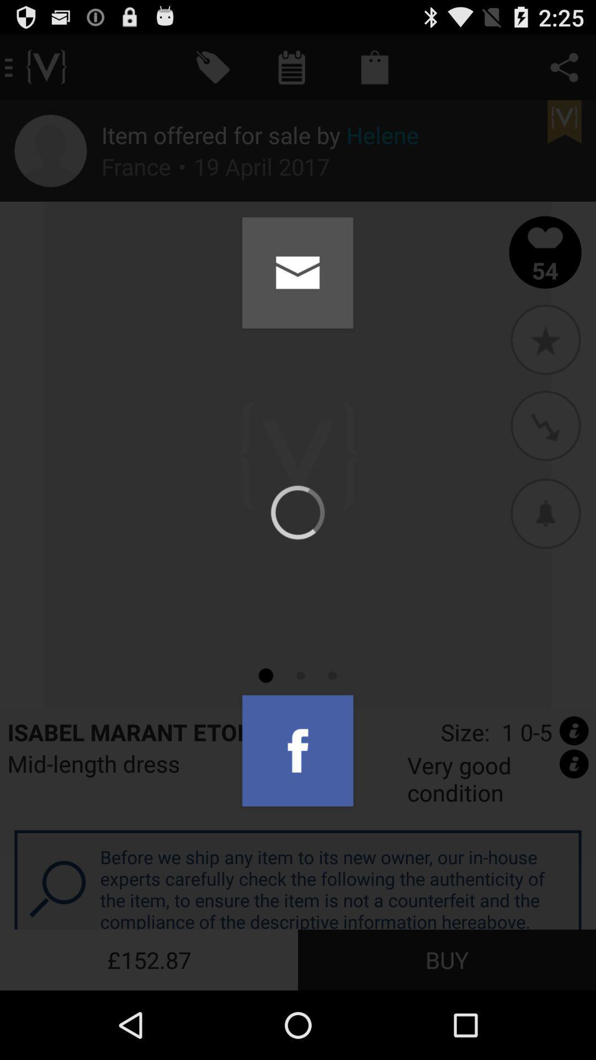 Image resolution: width=596 pixels, height=1060 pixels. I want to click on the star icon, so click(545, 363).